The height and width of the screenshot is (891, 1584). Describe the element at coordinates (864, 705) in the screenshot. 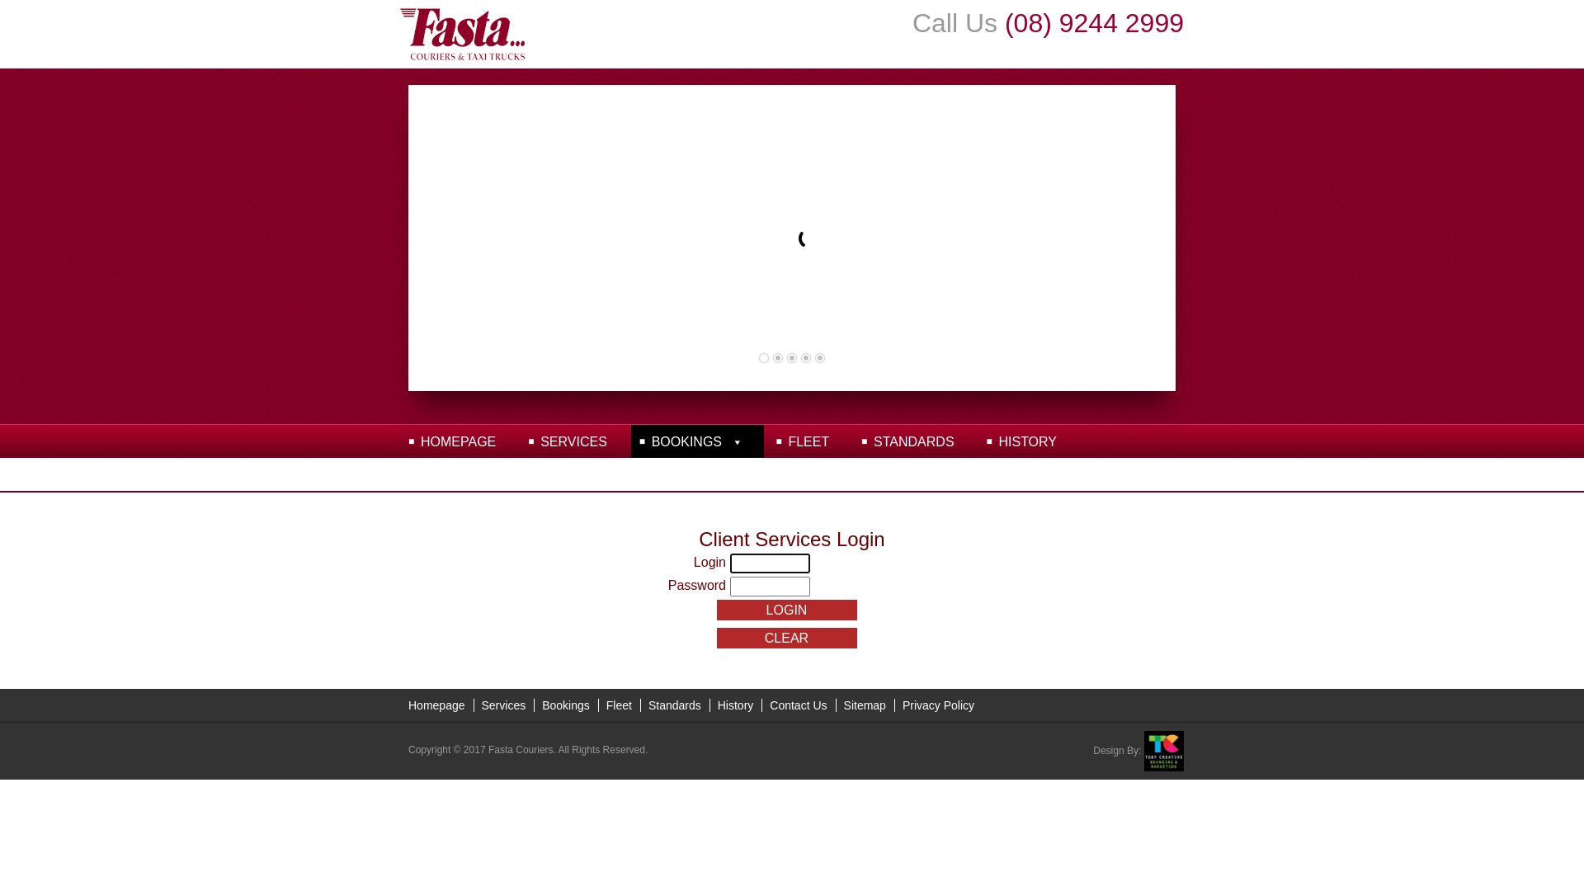

I see `'Sitemap'` at that location.